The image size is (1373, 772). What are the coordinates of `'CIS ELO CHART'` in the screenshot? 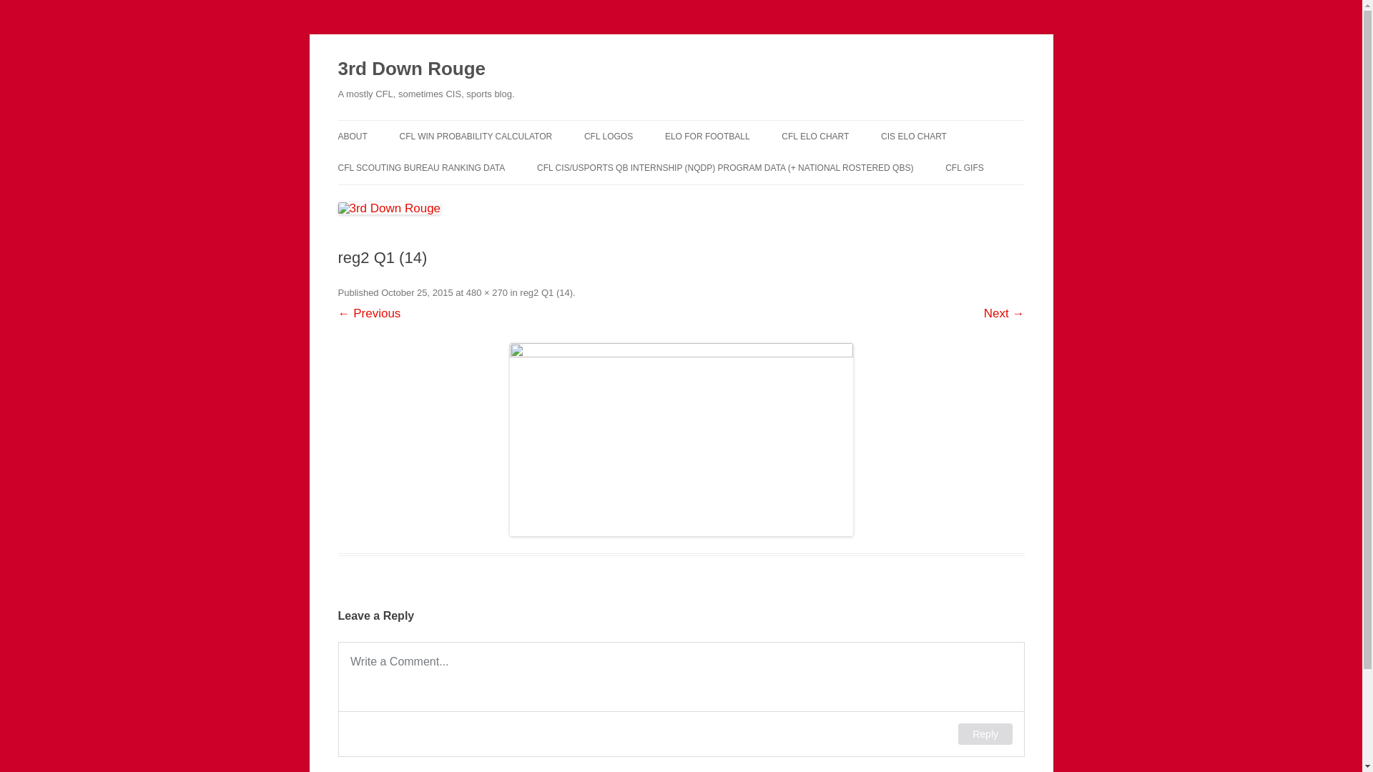 It's located at (912, 137).